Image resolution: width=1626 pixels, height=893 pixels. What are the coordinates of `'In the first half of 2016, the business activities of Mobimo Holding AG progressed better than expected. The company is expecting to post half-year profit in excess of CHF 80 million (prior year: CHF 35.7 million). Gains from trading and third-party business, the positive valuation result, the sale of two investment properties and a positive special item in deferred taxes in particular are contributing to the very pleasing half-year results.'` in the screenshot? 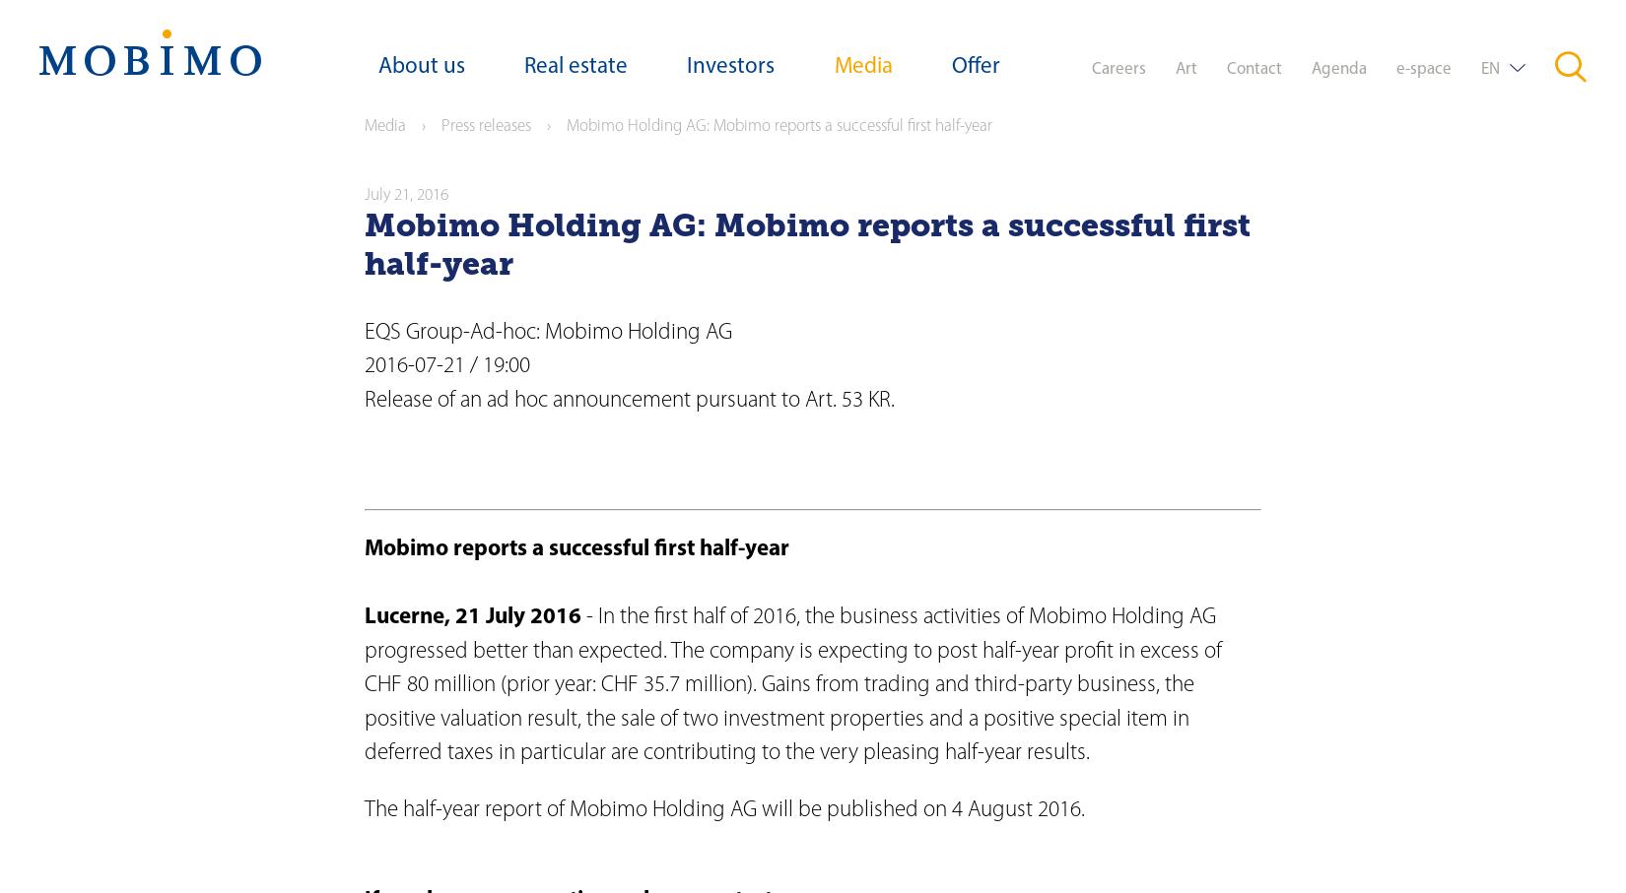 It's located at (792, 684).